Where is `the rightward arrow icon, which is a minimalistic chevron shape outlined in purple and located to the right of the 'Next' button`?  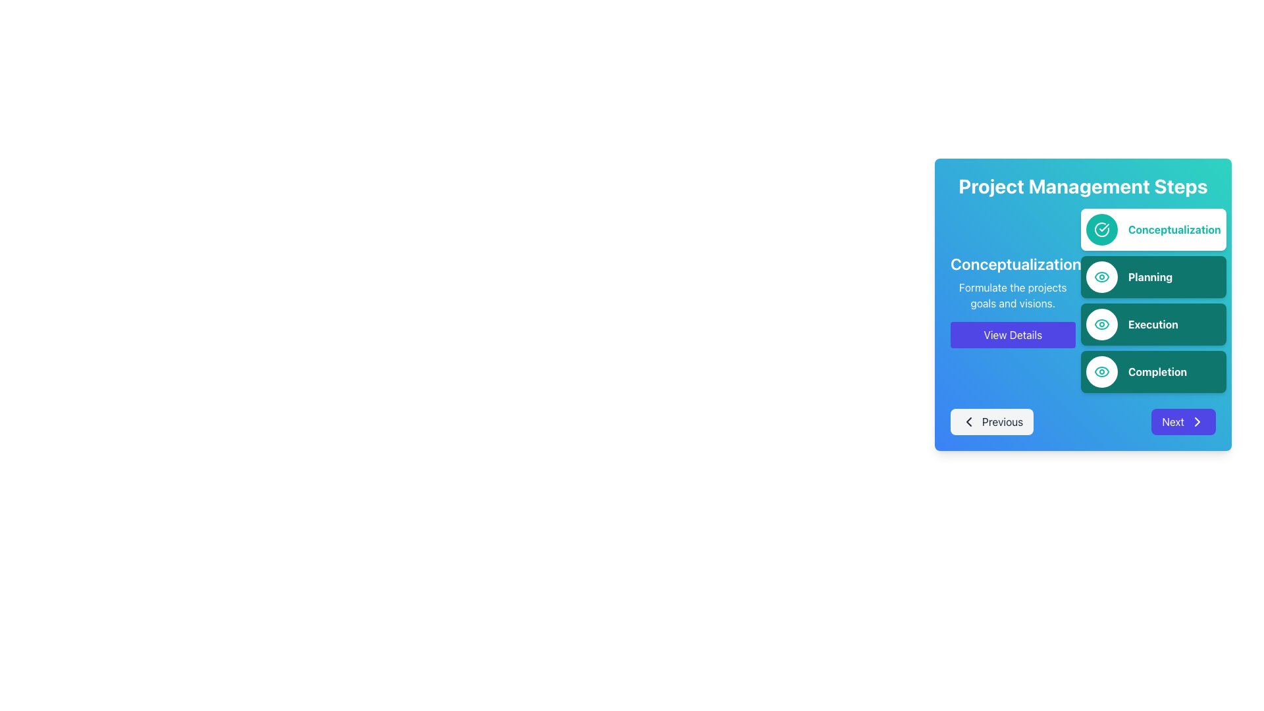 the rightward arrow icon, which is a minimalistic chevron shape outlined in purple and located to the right of the 'Next' button is located at coordinates (1198, 421).